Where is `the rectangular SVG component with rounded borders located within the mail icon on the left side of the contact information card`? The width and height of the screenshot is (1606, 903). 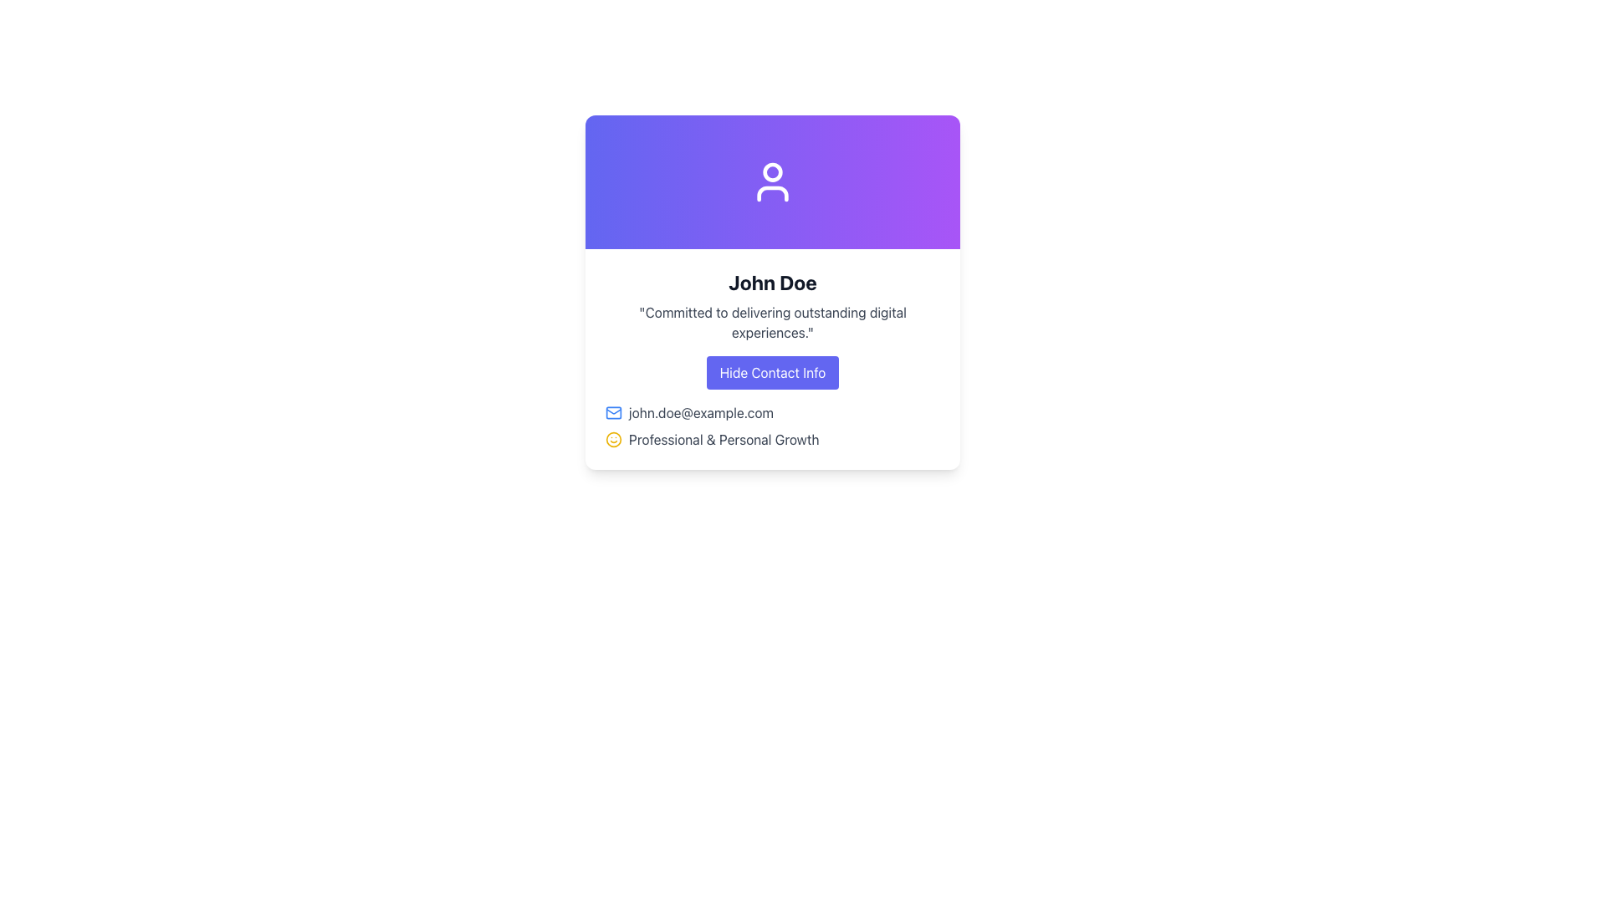
the rectangular SVG component with rounded borders located within the mail icon on the left side of the contact information card is located at coordinates (613, 412).